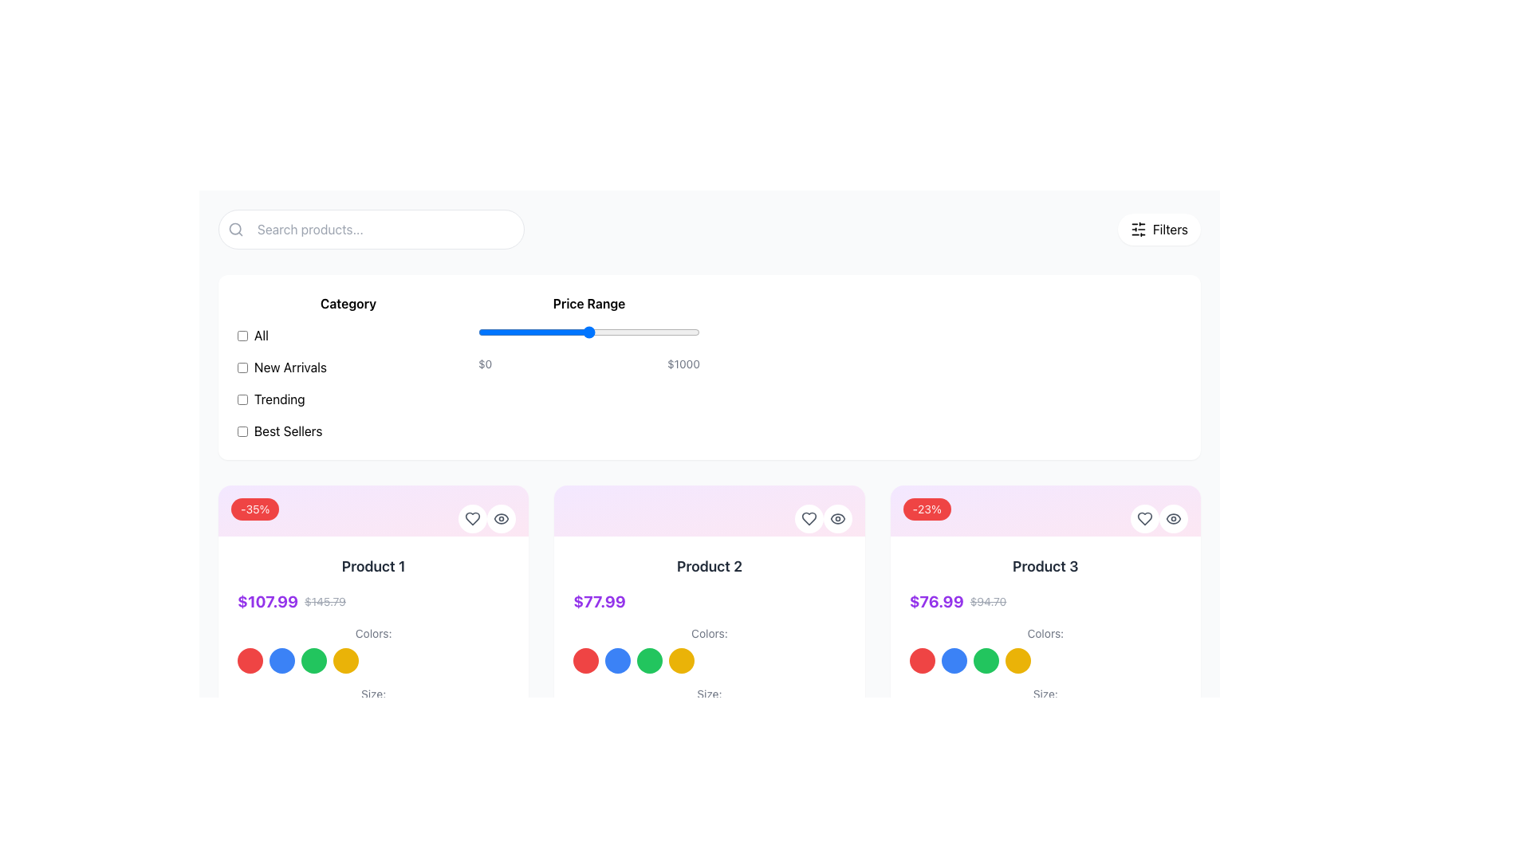 This screenshot has height=861, width=1531. I want to click on the third circle in the 'Colors' section of the product card for 'Product 2', so click(650, 661).